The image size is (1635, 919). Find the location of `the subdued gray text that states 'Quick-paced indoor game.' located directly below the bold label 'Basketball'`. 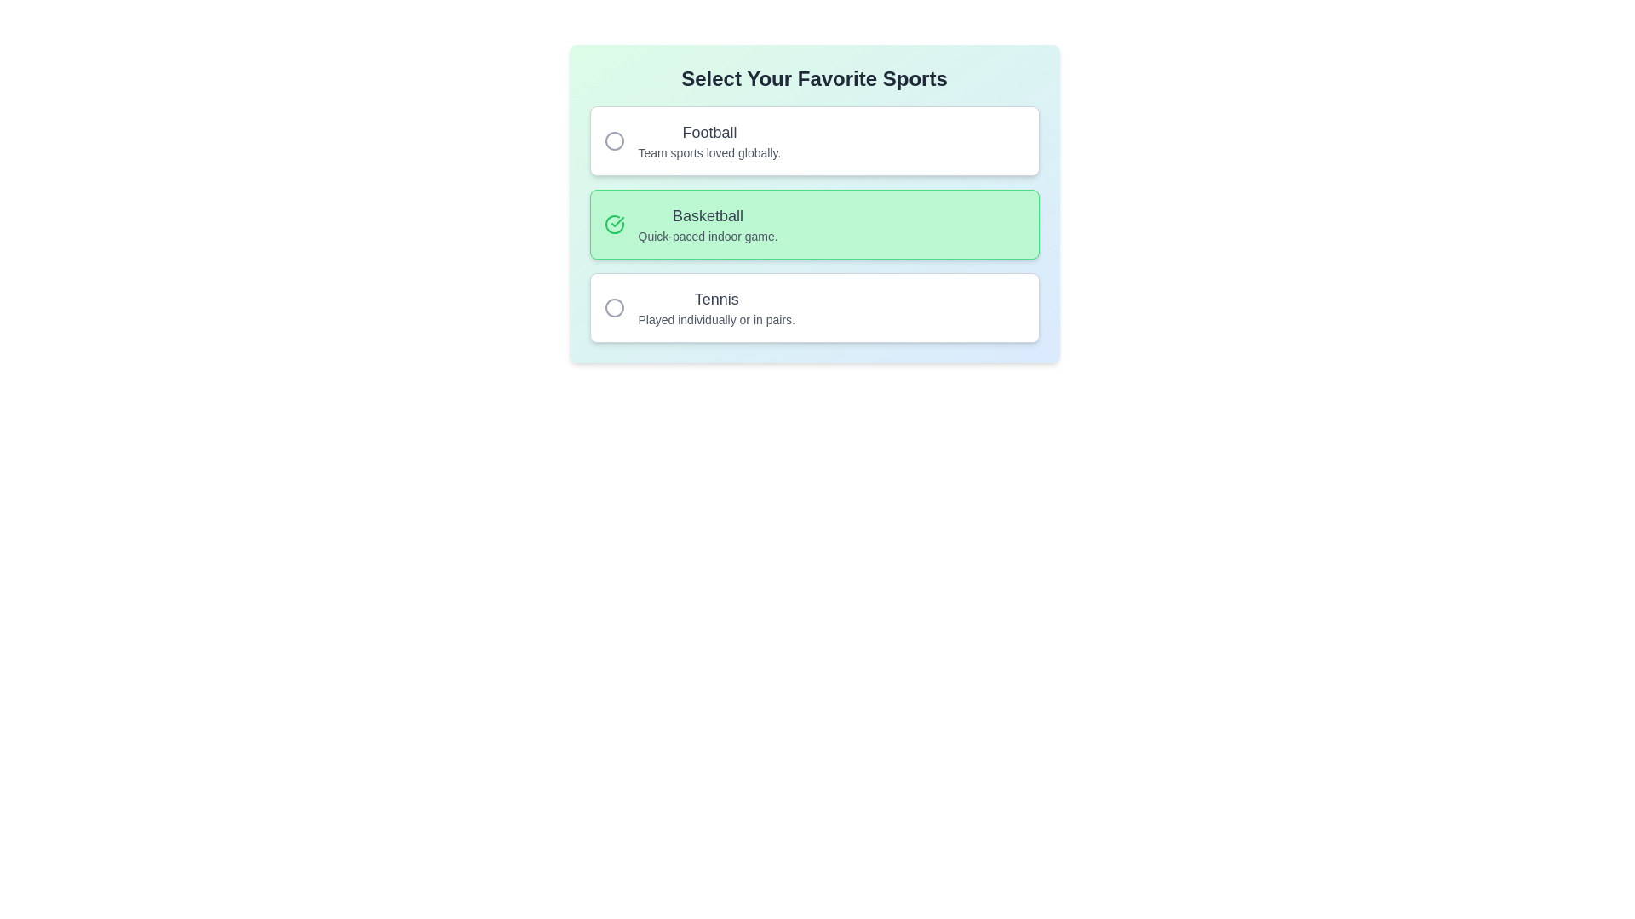

the subdued gray text that states 'Quick-paced indoor game.' located directly below the bold label 'Basketball' is located at coordinates (708, 236).